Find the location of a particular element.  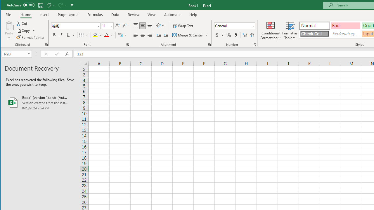

'Borders' is located at coordinates (84, 35).